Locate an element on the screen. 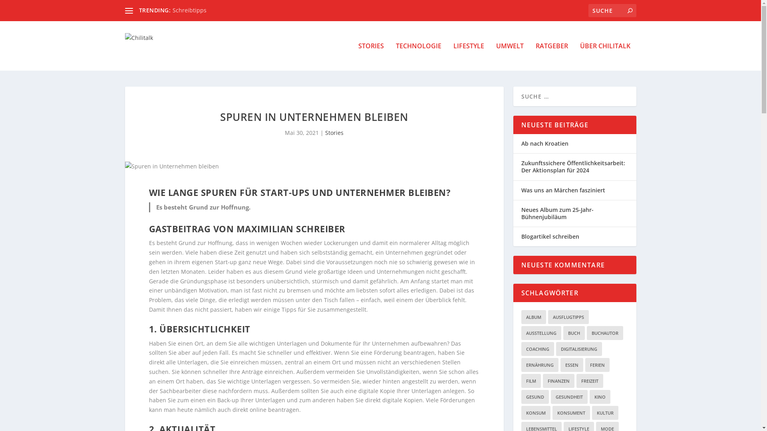 This screenshot has width=767, height=431. 'FREIZEIT' is located at coordinates (589, 380).